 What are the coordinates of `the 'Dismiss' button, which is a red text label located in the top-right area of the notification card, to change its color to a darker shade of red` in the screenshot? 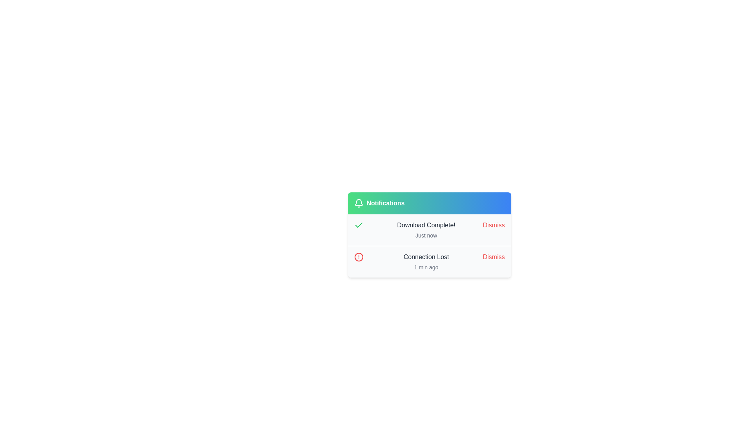 It's located at (493, 225).